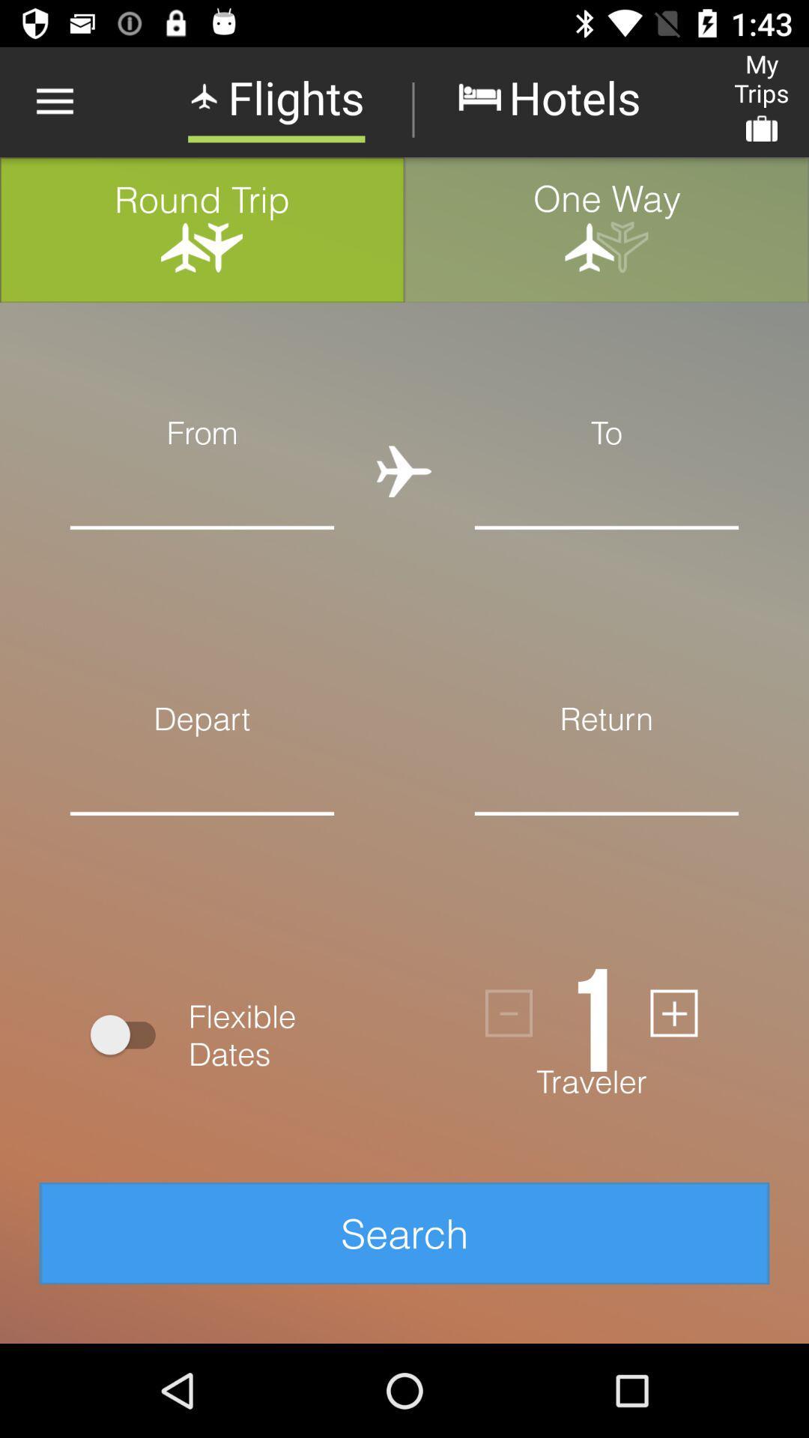 This screenshot has height=1438, width=809. What do you see at coordinates (607, 836) in the screenshot?
I see `return date field` at bounding box center [607, 836].